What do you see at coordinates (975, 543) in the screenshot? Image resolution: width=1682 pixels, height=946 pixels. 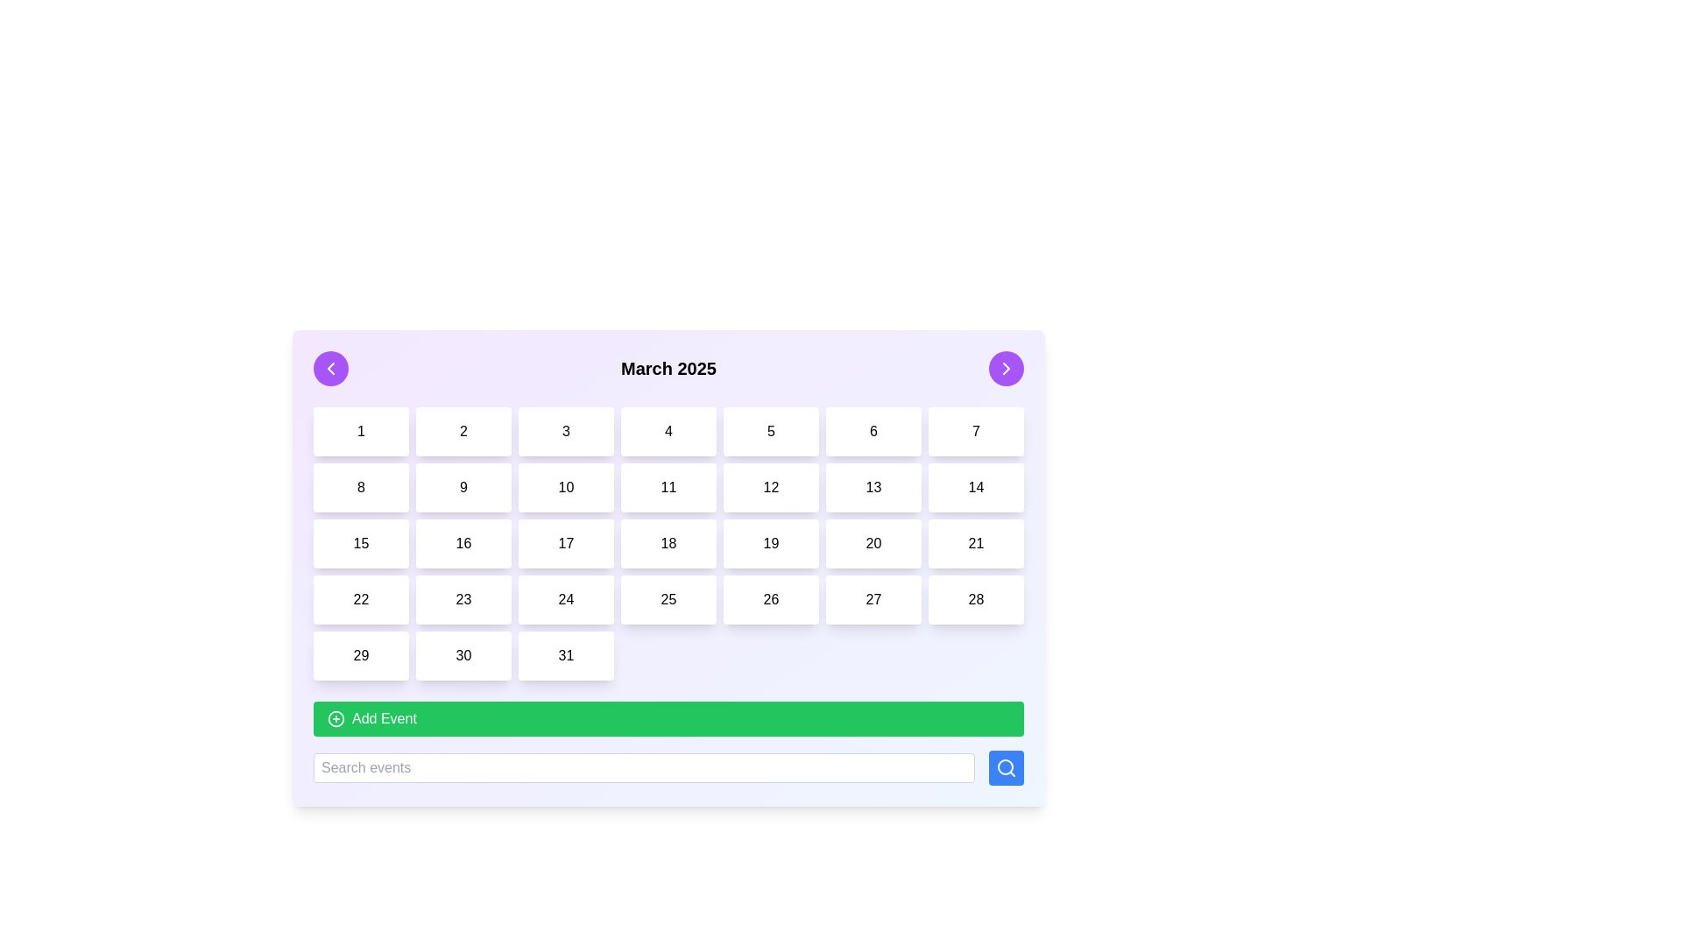 I see `the button displaying the date '21' in a calendar grid to trigger hover effects` at bounding box center [975, 543].